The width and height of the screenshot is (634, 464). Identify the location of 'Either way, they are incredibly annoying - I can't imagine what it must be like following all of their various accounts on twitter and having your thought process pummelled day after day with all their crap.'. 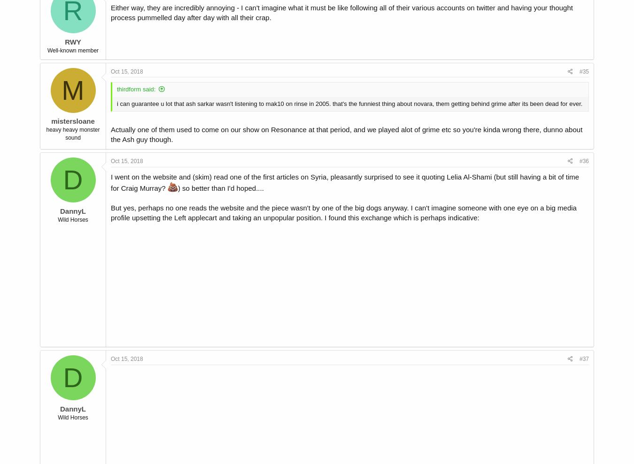
(341, 12).